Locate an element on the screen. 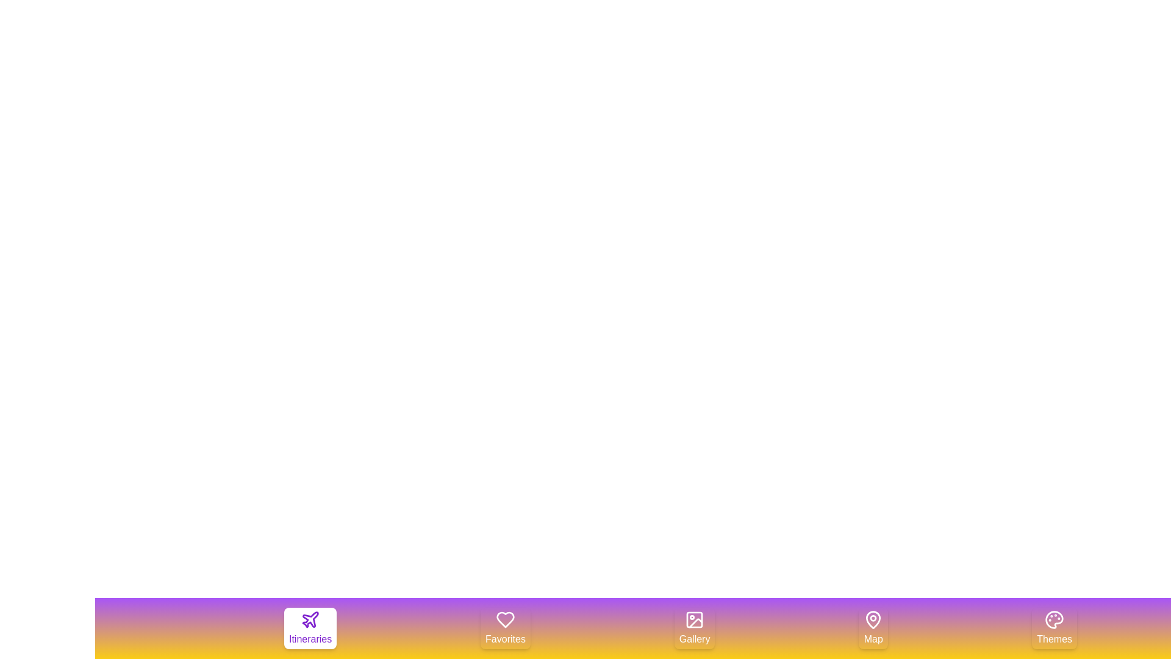 The image size is (1171, 659). the tab labeled Themes is located at coordinates (1054, 628).